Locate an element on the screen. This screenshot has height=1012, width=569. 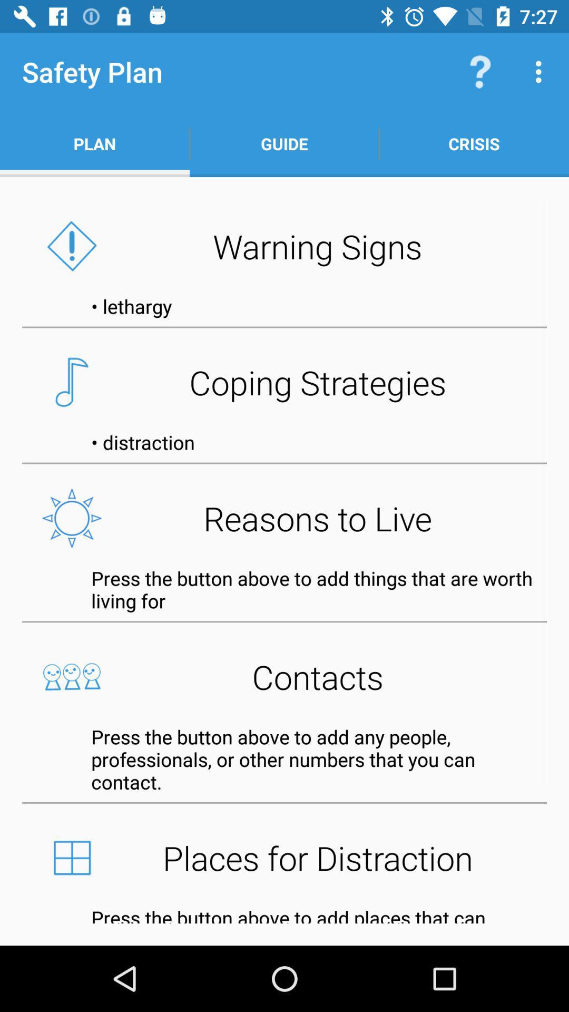
the item below plan icon is located at coordinates (284, 246).